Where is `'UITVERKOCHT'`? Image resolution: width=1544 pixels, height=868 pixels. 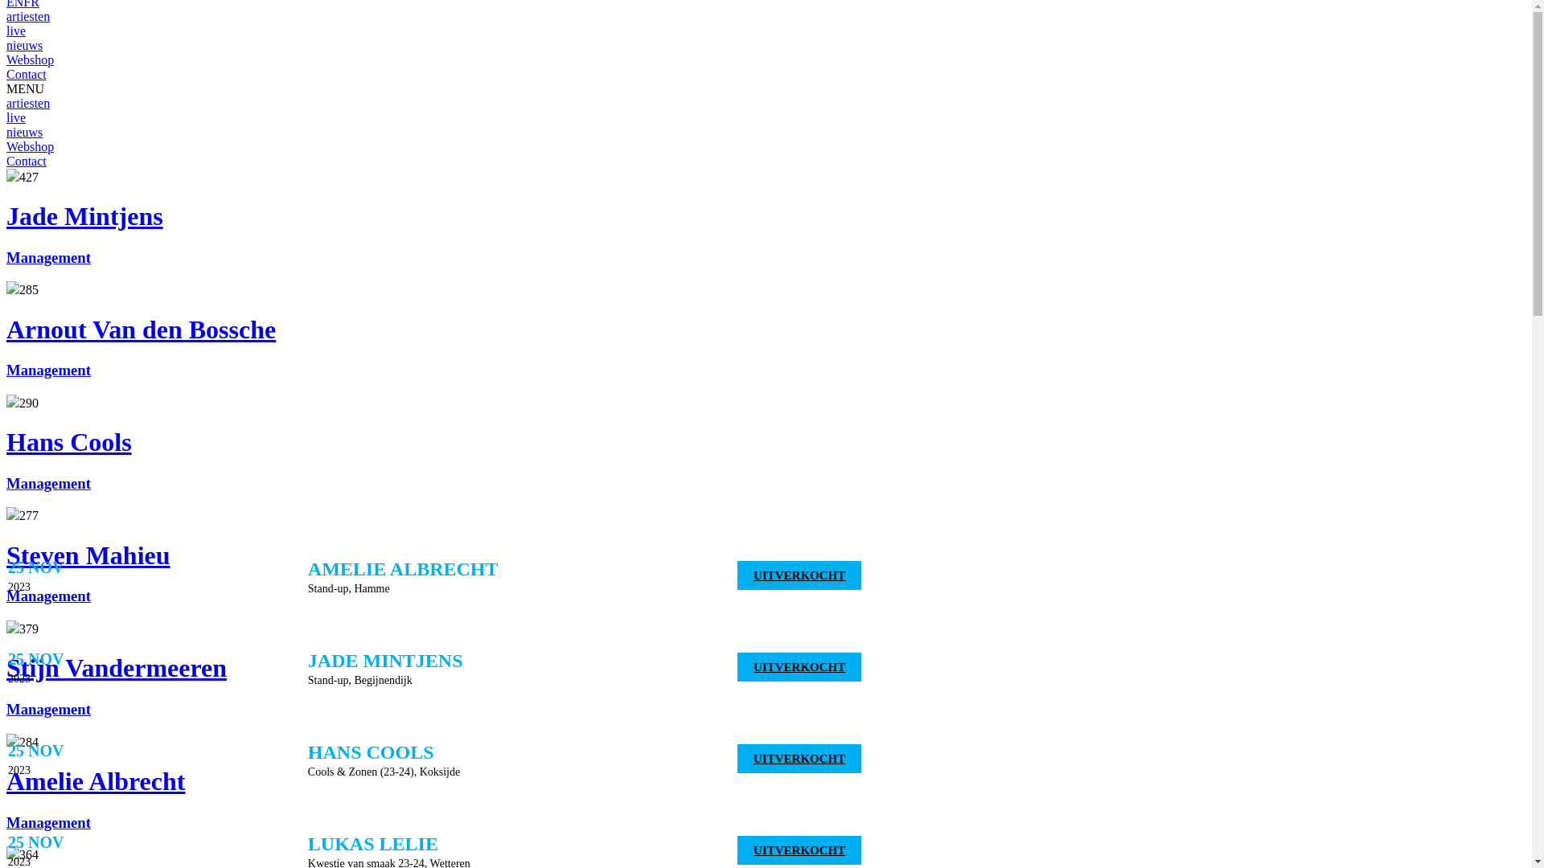
'UITVERKOCHT' is located at coordinates (799, 759).